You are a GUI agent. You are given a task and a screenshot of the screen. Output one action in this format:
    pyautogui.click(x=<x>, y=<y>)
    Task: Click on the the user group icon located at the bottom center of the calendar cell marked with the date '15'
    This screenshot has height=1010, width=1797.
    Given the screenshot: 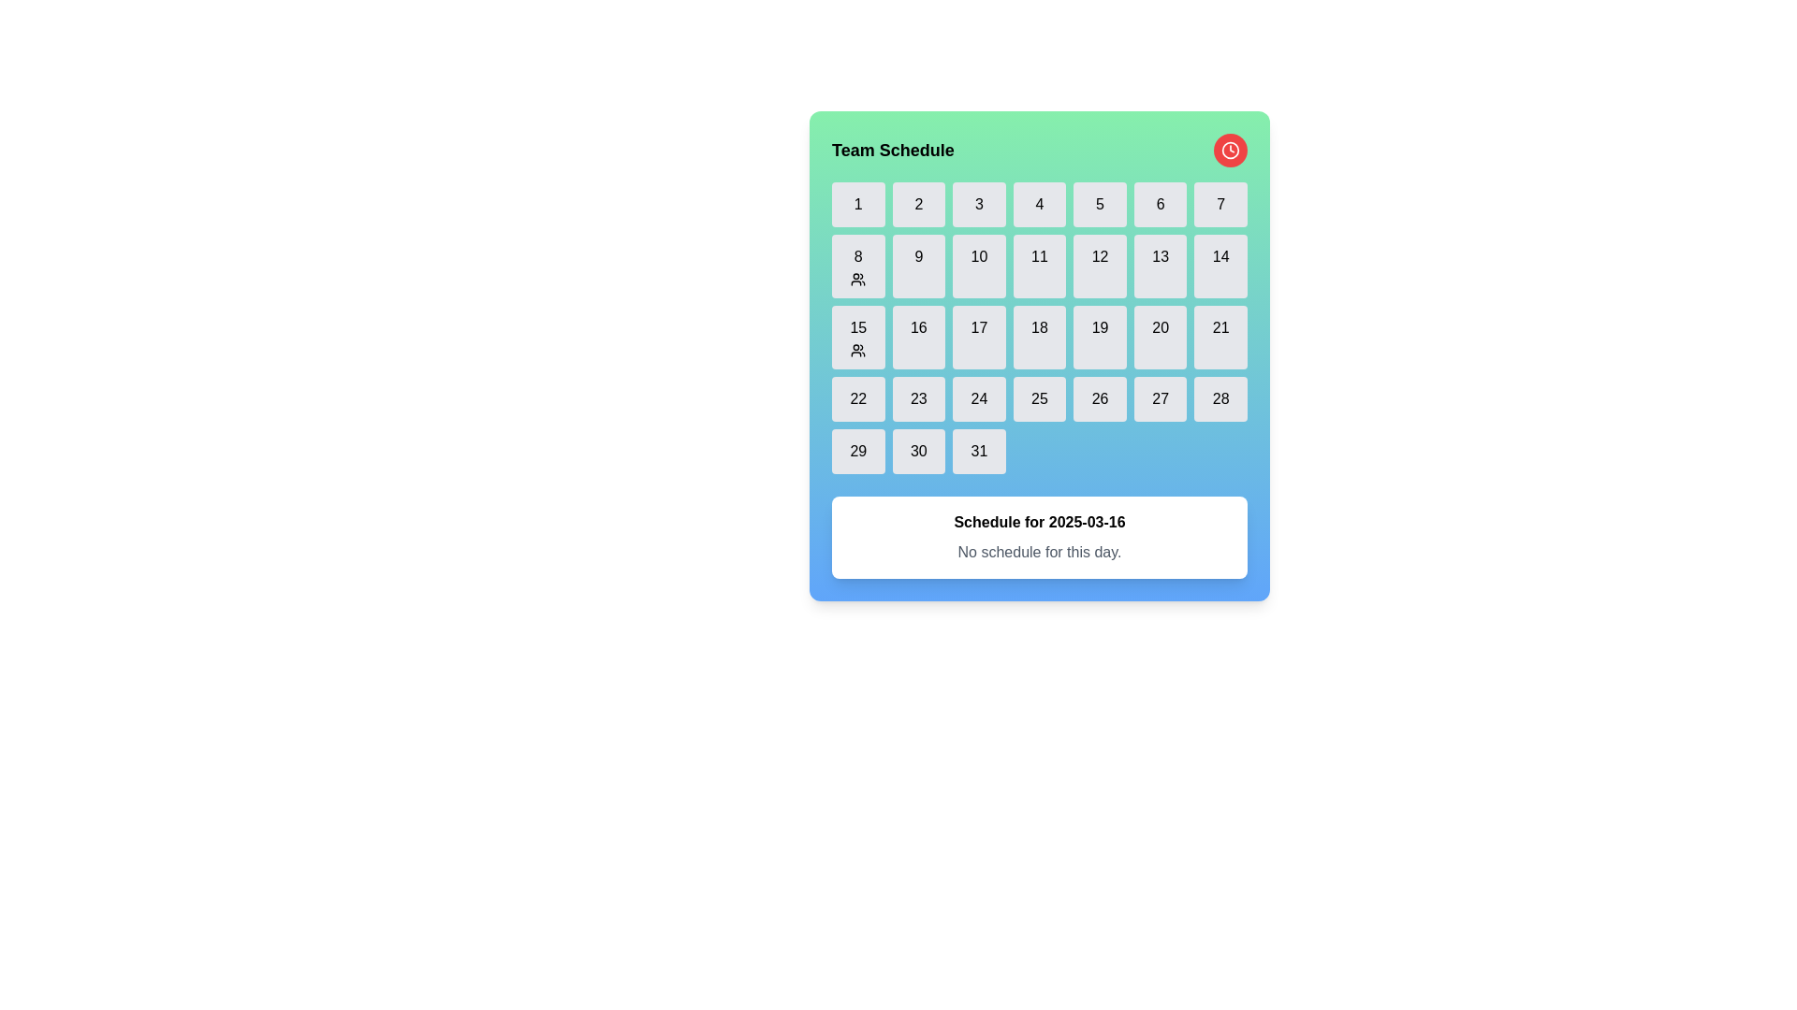 What is the action you would take?
    pyautogui.click(x=857, y=350)
    